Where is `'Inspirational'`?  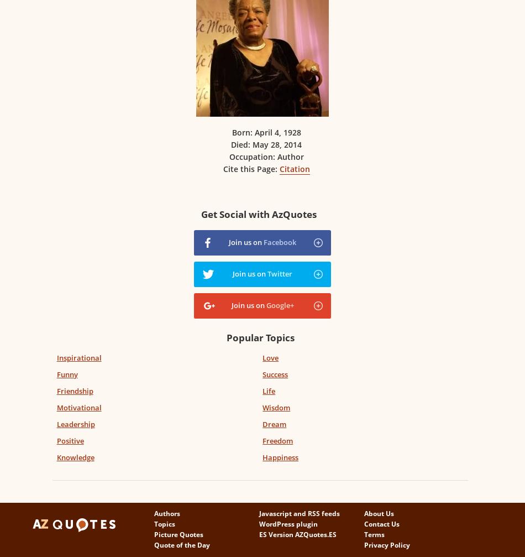
'Inspirational' is located at coordinates (78, 356).